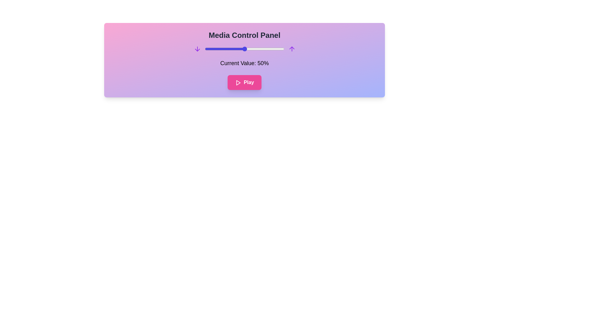 The image size is (597, 335). I want to click on the slider to set its value to 85, so click(272, 49).